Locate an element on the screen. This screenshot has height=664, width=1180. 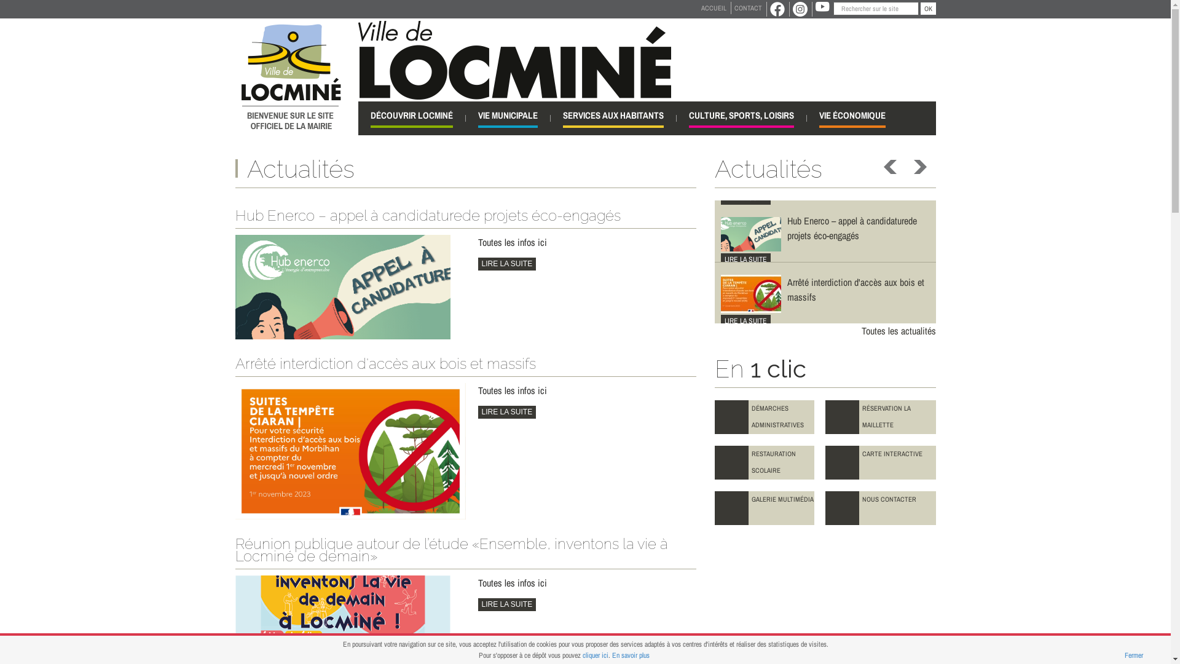
'OK' is located at coordinates (920, 9).